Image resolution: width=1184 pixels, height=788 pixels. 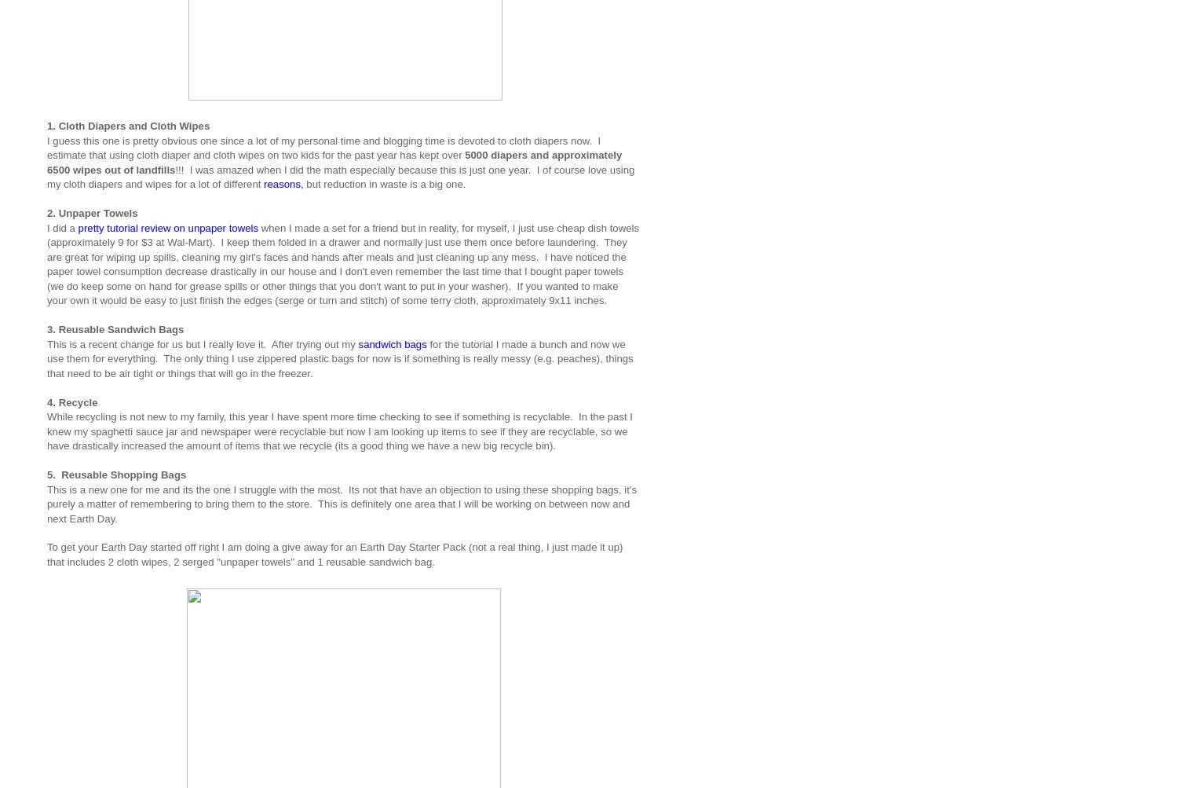 I want to click on 'when I made a set for a friend but in reality, for myself, I just use cheap dish towels (approximately 9 for $3 at Wal-Mart).  I keep them folded in a drawer and normally just use them once before laundering.  They are great for wiping up spills, cleaning my girl's faces and hands after meals and just cleaning up any mess.  I have noticed the paper towel consumption decrease drastically in our house and I don't even remember the last time that I bought paper towels (we do keep some on hand for grease spills or other things that you don't want to put in your washer).  If you wanted to make your own it would be easy to just finish the edges (serge or turn and stitch) of some terry cloth, approximately 9x11 inches.', so click(x=343, y=263).